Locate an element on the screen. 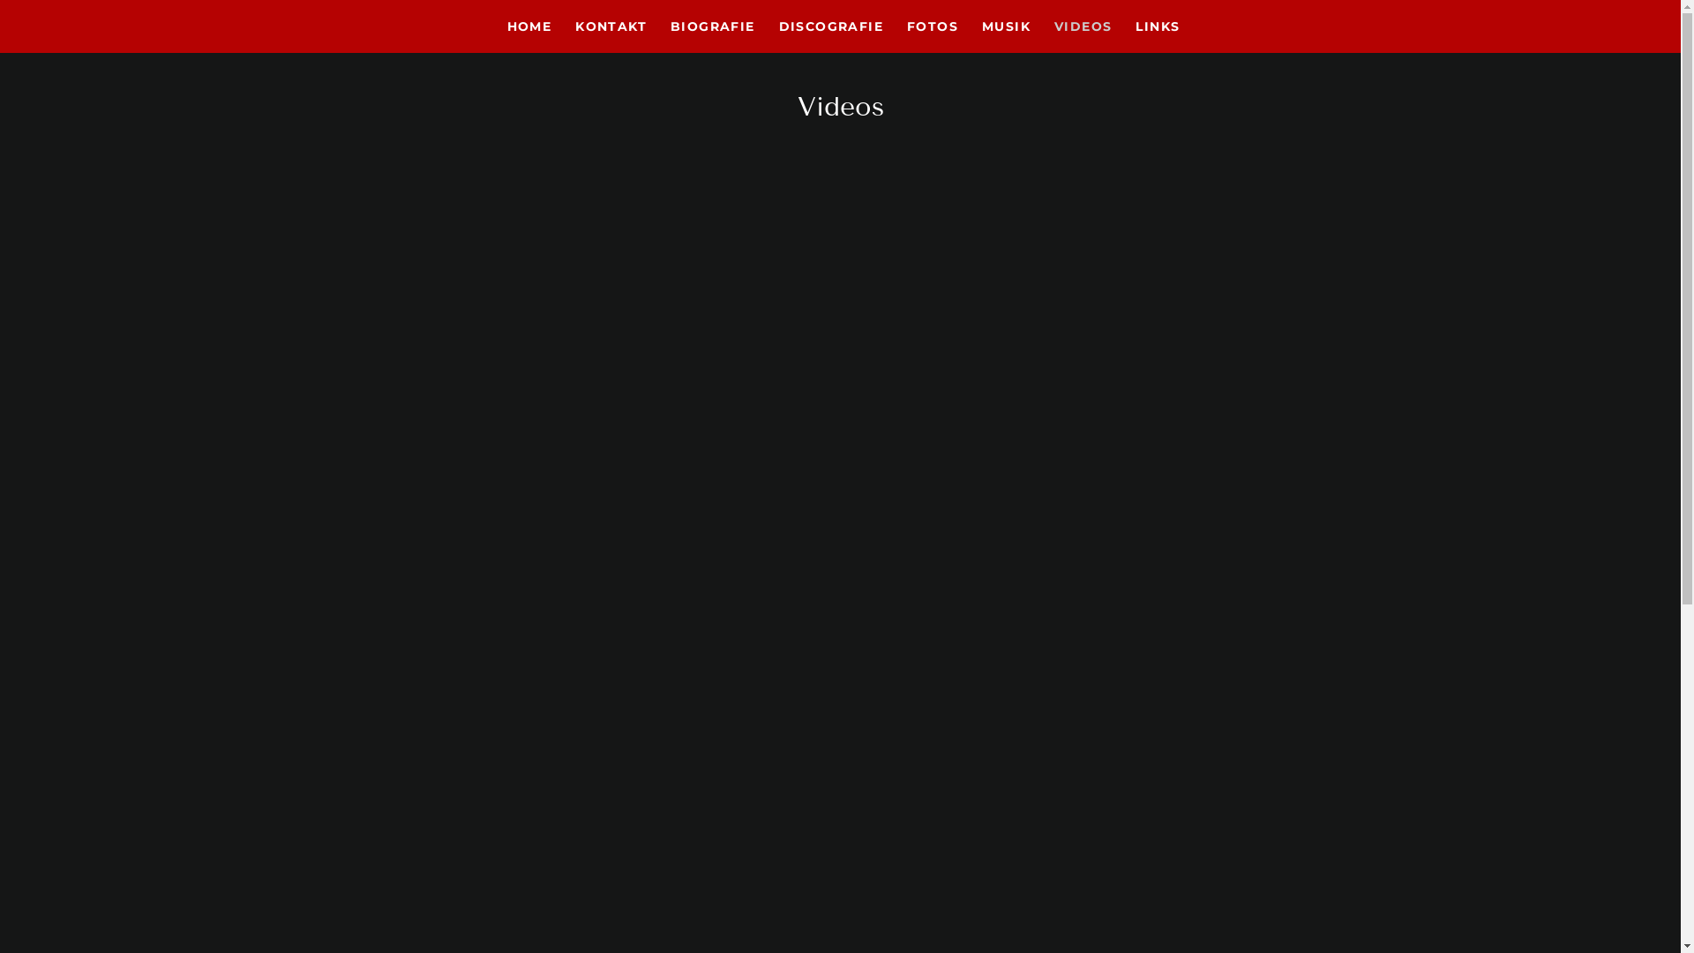 This screenshot has width=1694, height=953. 'BIOGRAFIE' is located at coordinates (656, 26).